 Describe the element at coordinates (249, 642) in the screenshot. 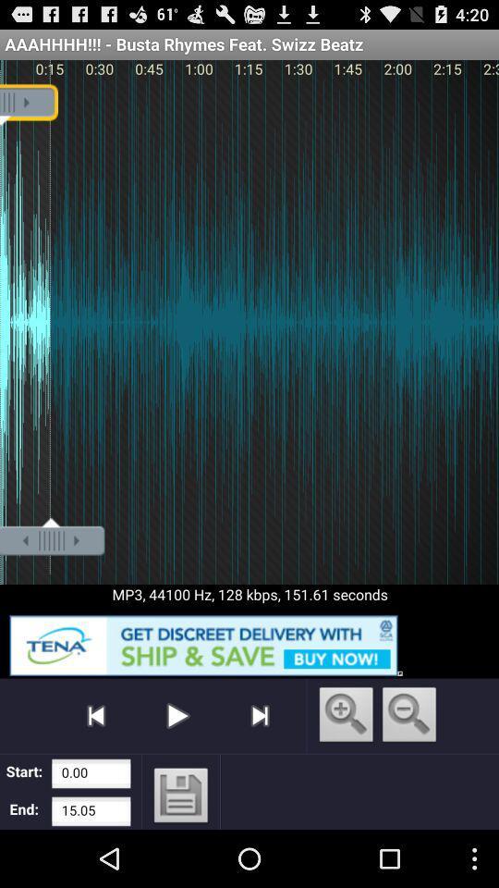

I see `banner advertisement` at that location.